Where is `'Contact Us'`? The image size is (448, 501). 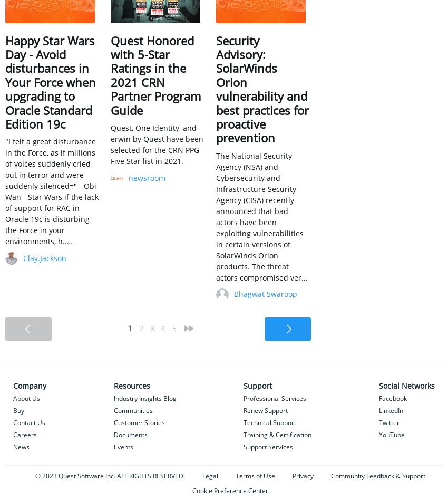 'Contact Us' is located at coordinates (29, 421).